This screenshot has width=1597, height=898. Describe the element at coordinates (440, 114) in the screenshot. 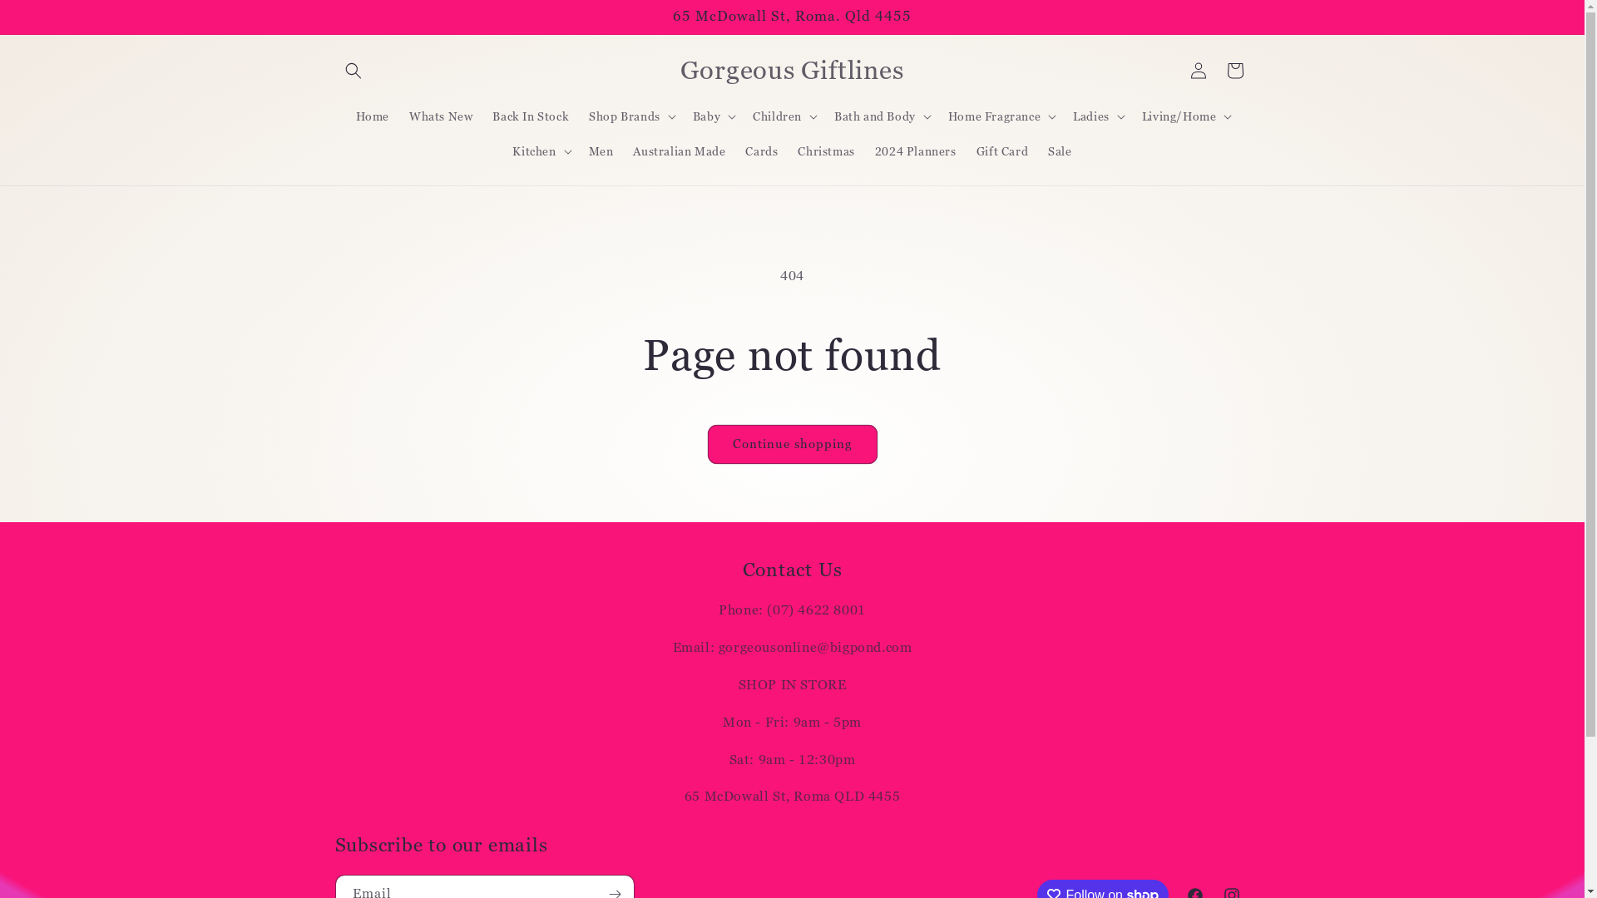

I see `'Whats New'` at that location.